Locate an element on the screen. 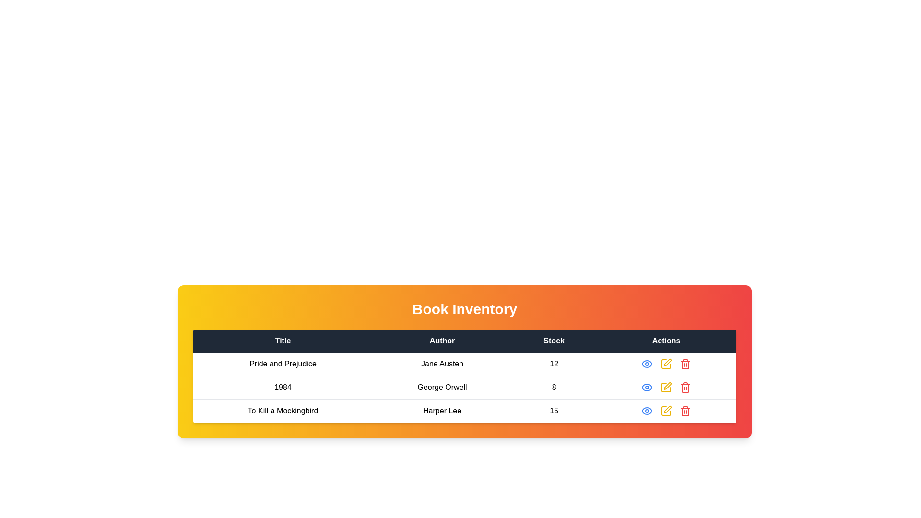 The image size is (921, 518). the blue eye-shaped icon in the 'Actions' column of the inventory table is located at coordinates (647, 364).